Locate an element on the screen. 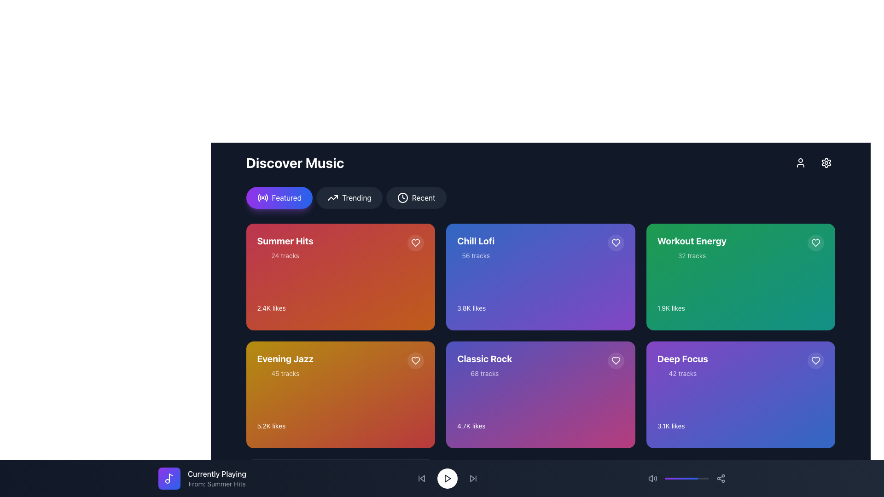 The height and width of the screenshot is (497, 884). the appearance of the music icon located at the bottom left of the interface, next to the text components 'Currently Playing' and 'From: Summer Hits' is located at coordinates (169, 478).